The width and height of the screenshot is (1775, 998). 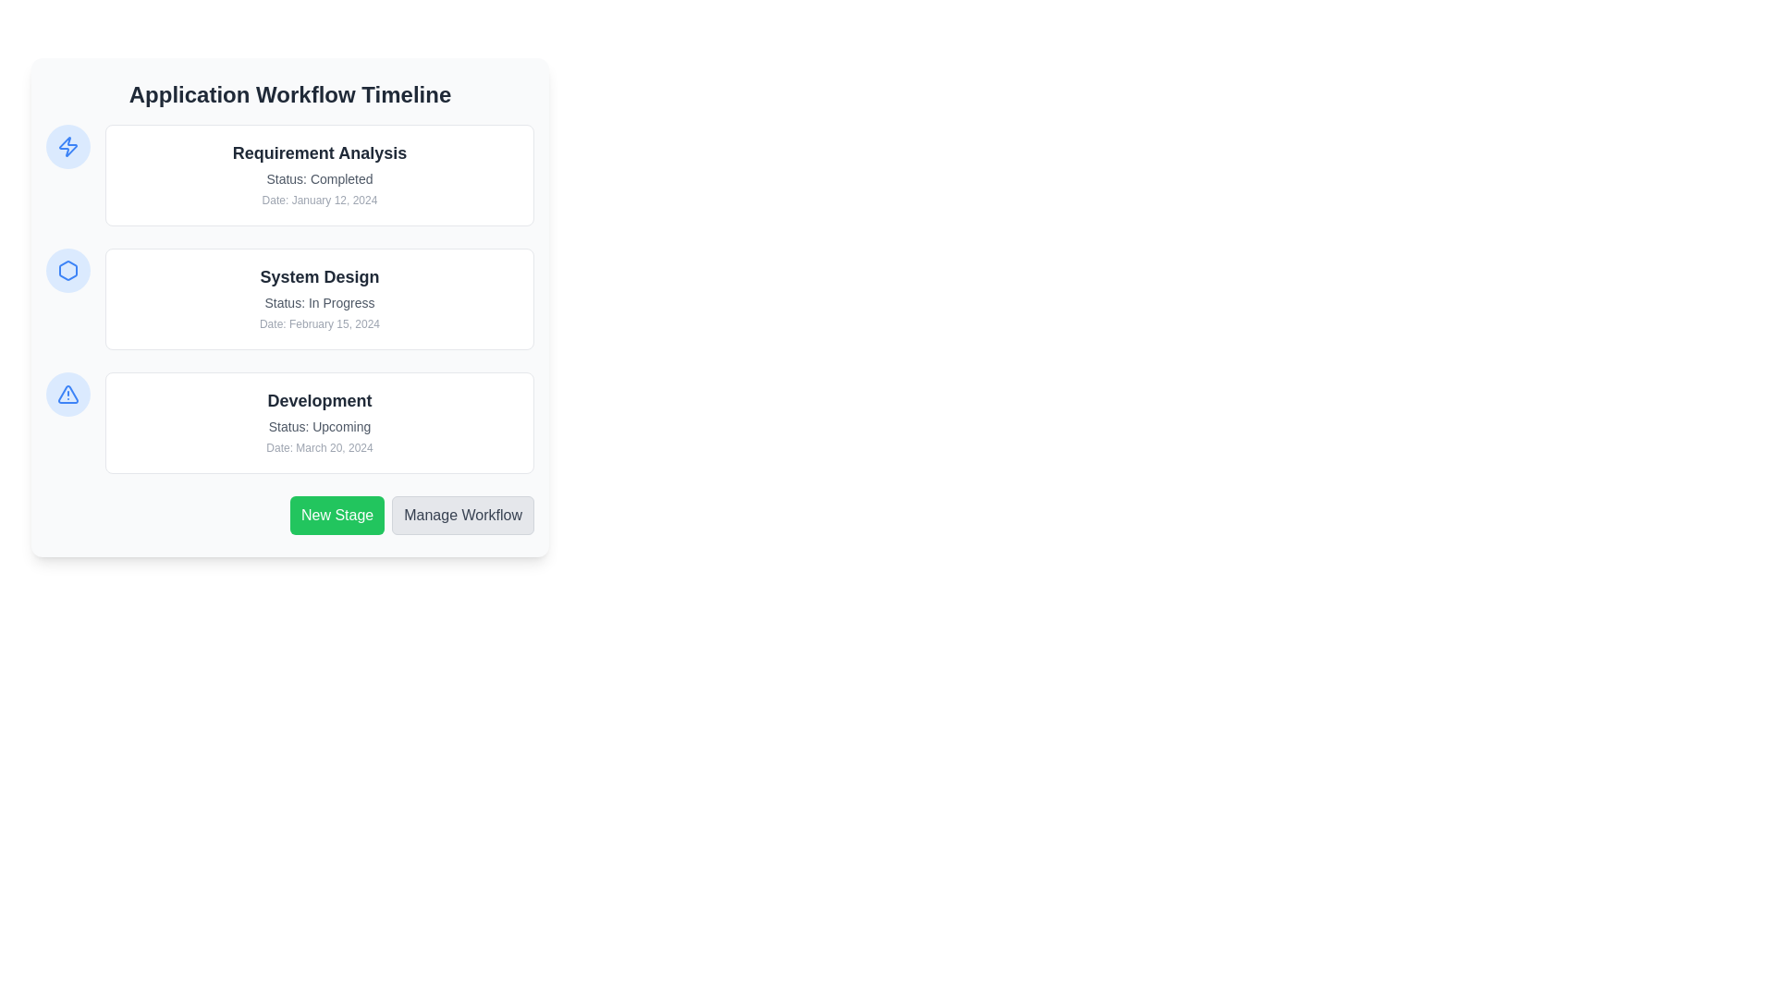 I want to click on displayed date information from the text label showing 'March 20, 2024' located at the bottom of the third card section in the interface, so click(x=319, y=448).